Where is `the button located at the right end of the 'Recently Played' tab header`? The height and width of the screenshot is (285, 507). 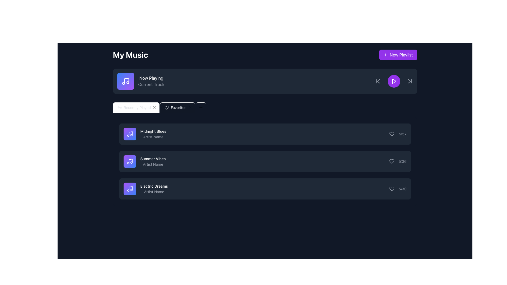
the button located at the right end of the 'Recently Played' tab header is located at coordinates (154, 107).